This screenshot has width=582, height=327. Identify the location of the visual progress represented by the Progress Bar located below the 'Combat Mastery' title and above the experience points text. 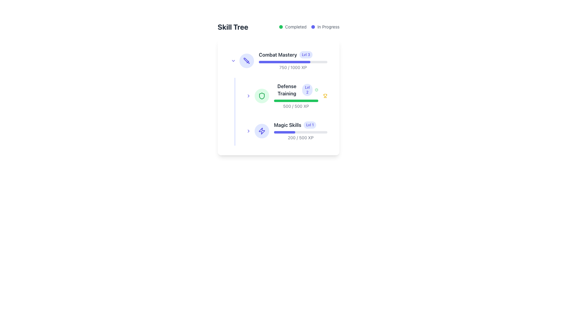
(293, 62).